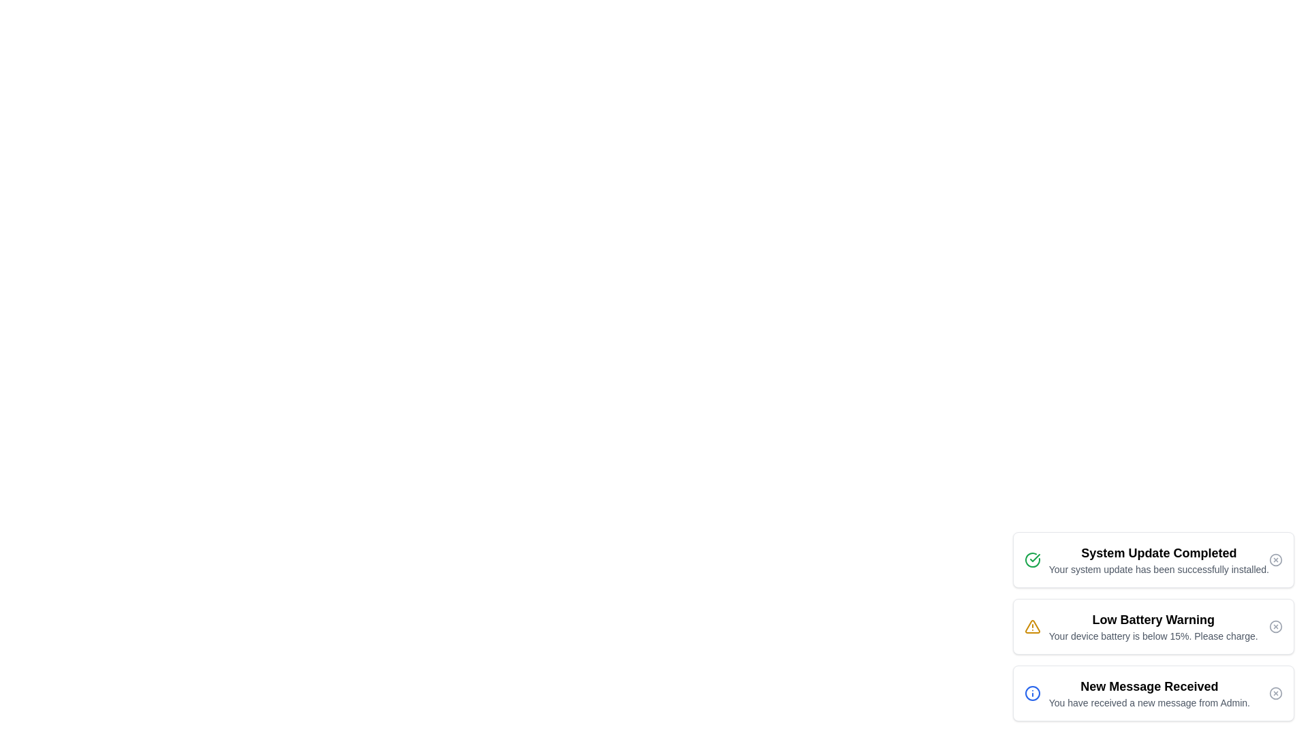 The height and width of the screenshot is (735, 1308). Describe the element at coordinates (1032, 627) in the screenshot. I see `the triangular warning icon with a centered exclamation mark, located to the left of the 'Low Battery Warning' text in the second notification card` at that location.